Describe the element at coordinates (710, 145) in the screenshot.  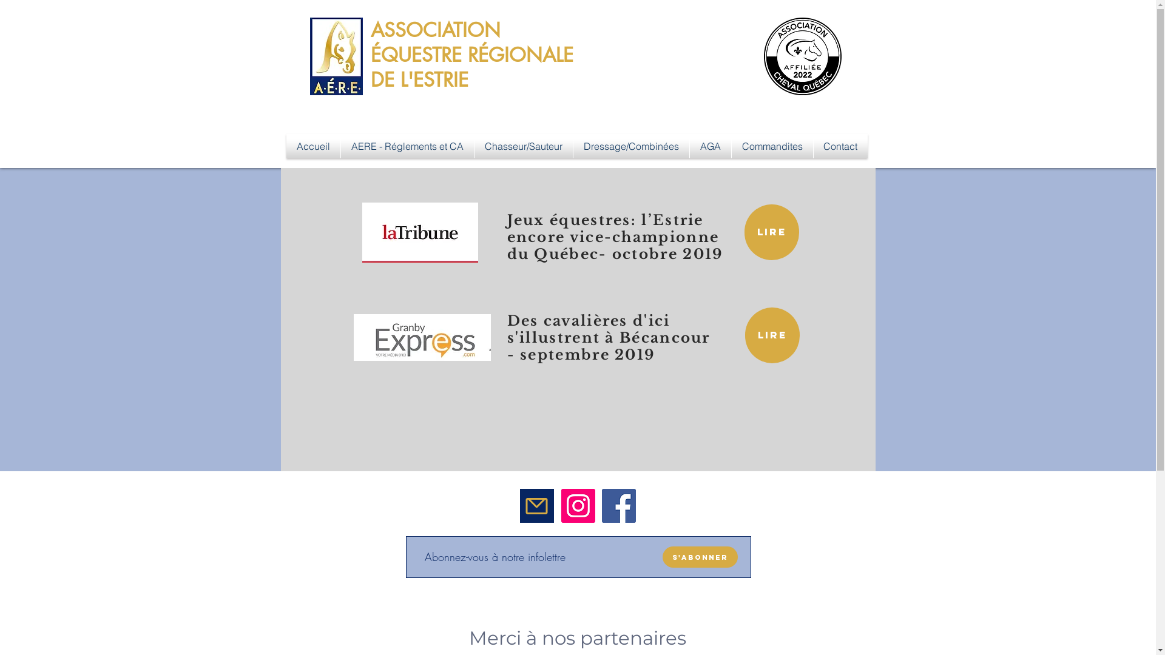
I see `'AGA'` at that location.